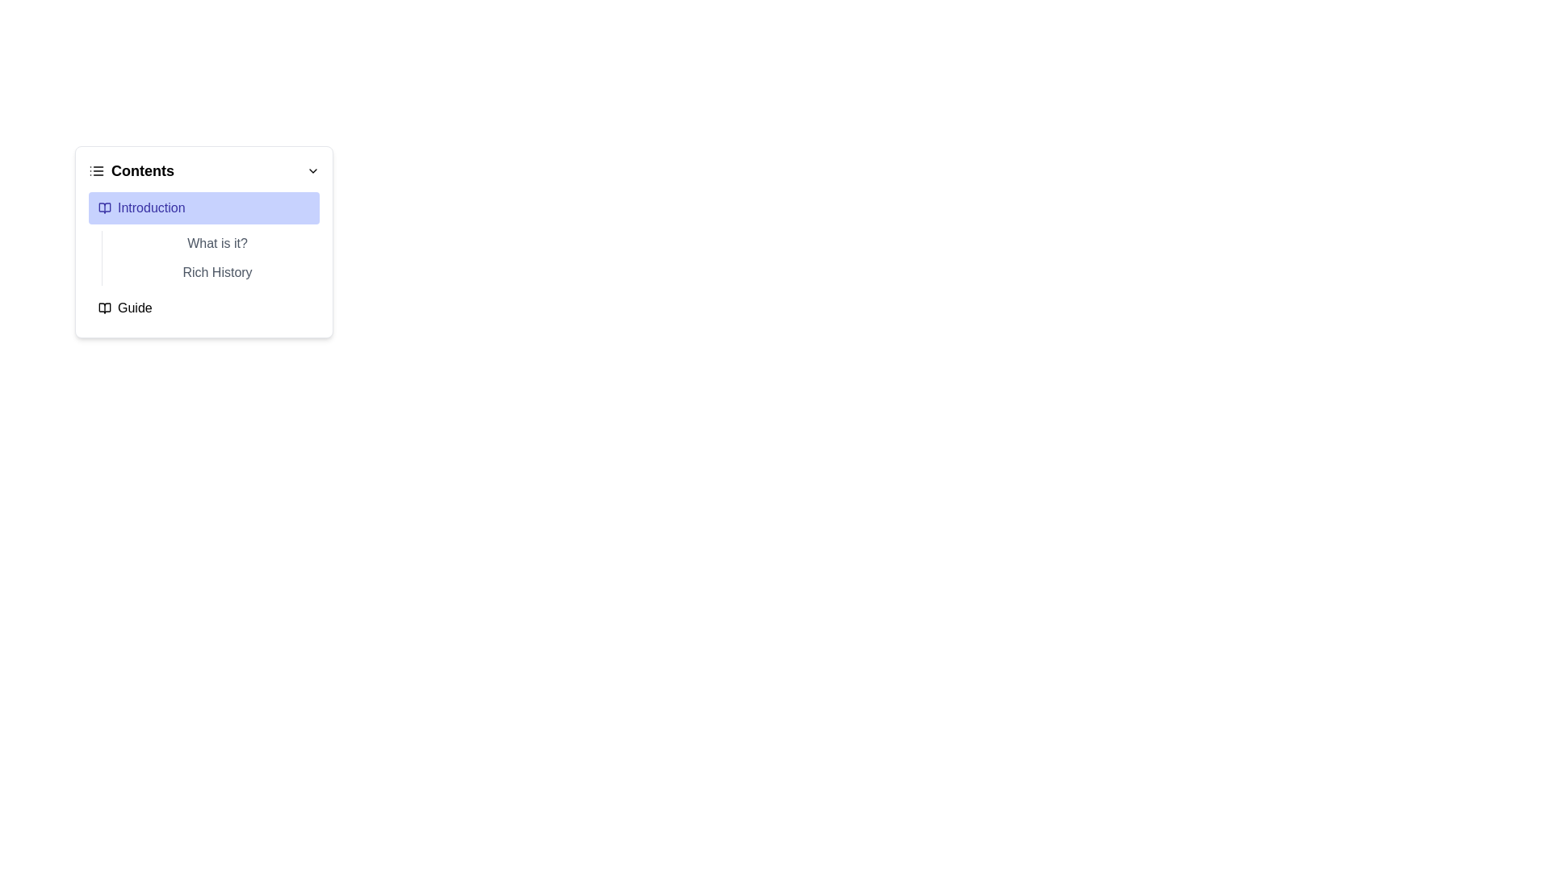  I want to click on the 'Contents' header text element which is styled in bold black and includes an icon of three horizontal lines, indicating it is a non-interactive label for a menu or section, so click(132, 171).